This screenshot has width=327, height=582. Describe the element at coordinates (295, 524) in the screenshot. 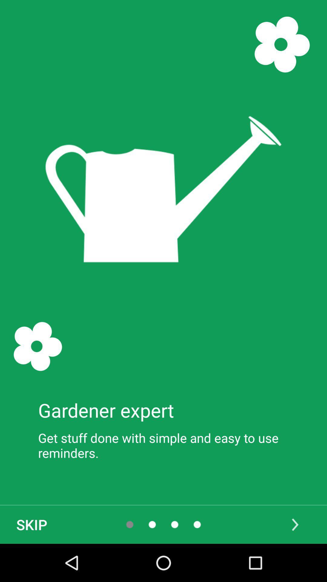

I see `icon at the bottom right corner` at that location.